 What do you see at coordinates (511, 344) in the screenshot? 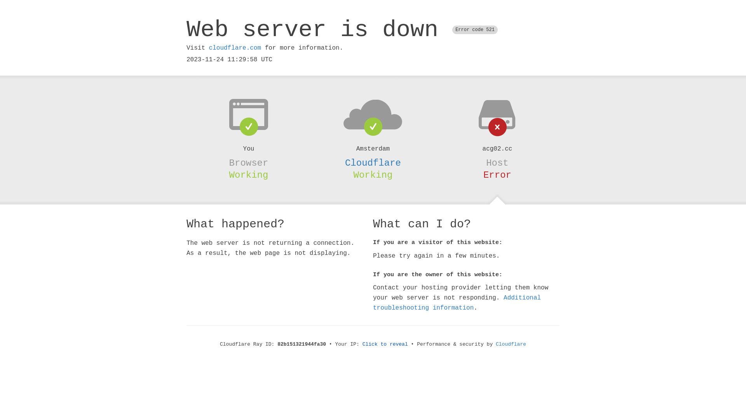
I see `'Cloudflare'` at bounding box center [511, 344].